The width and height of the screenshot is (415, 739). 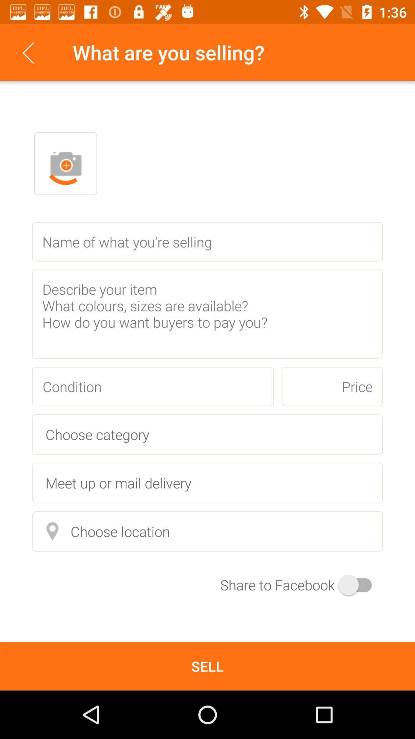 I want to click on space for product name, so click(x=207, y=241).